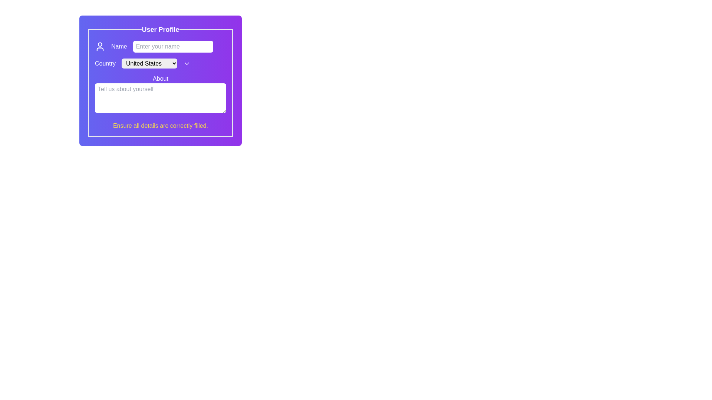 This screenshot has height=400, width=712. Describe the element at coordinates (172, 47) in the screenshot. I see `the text input field for entering the user's name, which is positioned to the right of the 'Name' label` at that location.